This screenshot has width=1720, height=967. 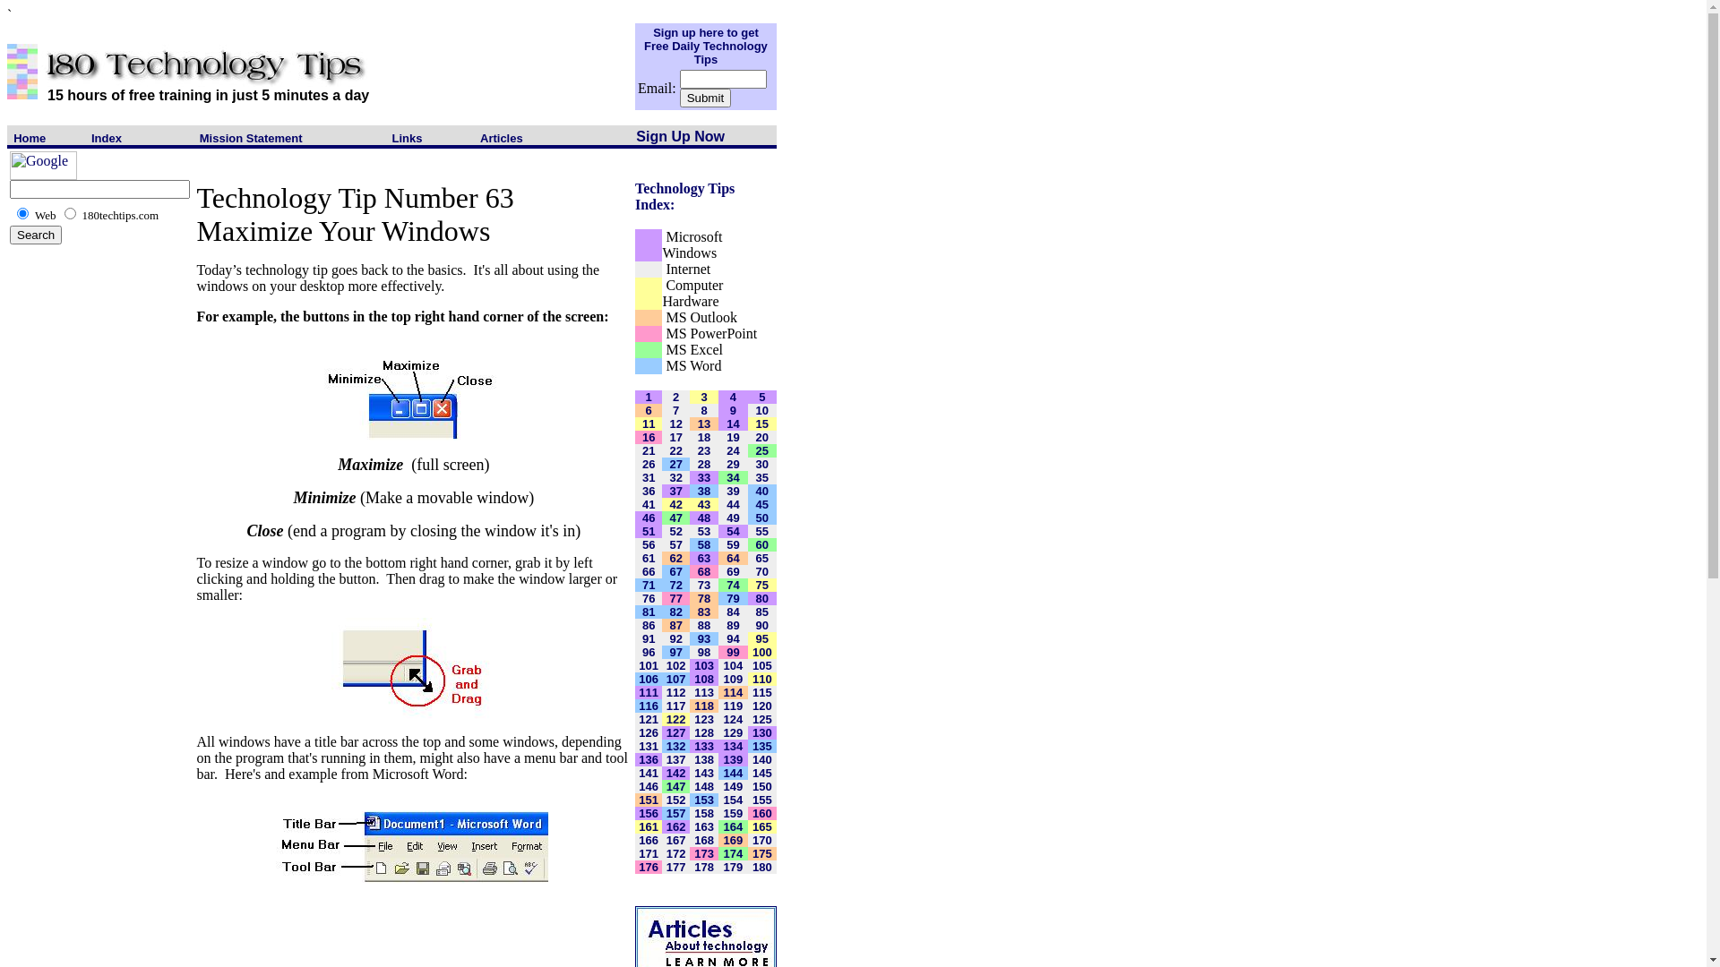 What do you see at coordinates (732, 543) in the screenshot?
I see `'59'` at bounding box center [732, 543].